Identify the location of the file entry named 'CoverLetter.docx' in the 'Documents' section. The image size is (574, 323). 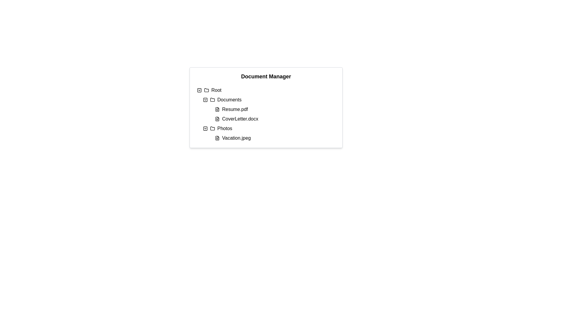
(269, 119).